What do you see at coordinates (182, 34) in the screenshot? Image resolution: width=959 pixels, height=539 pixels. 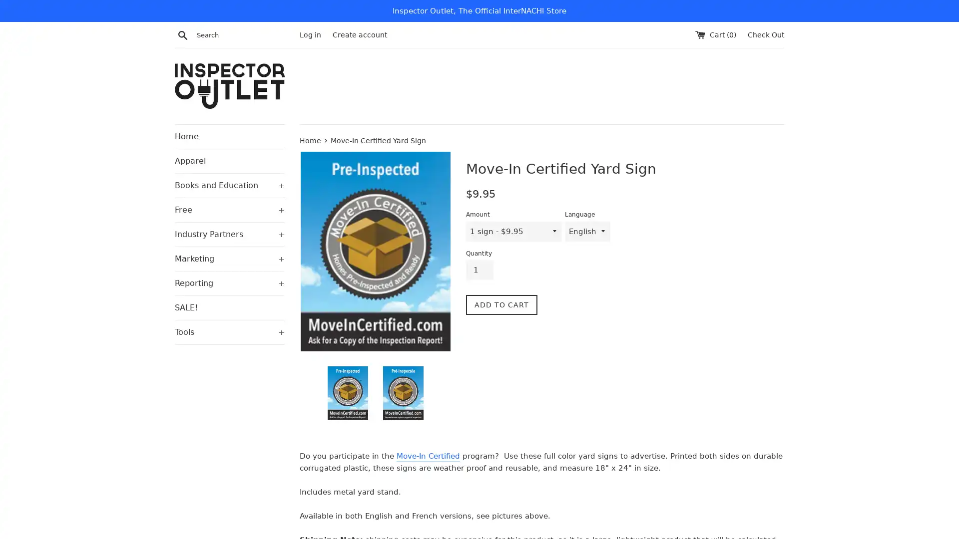 I see `Search` at bounding box center [182, 34].